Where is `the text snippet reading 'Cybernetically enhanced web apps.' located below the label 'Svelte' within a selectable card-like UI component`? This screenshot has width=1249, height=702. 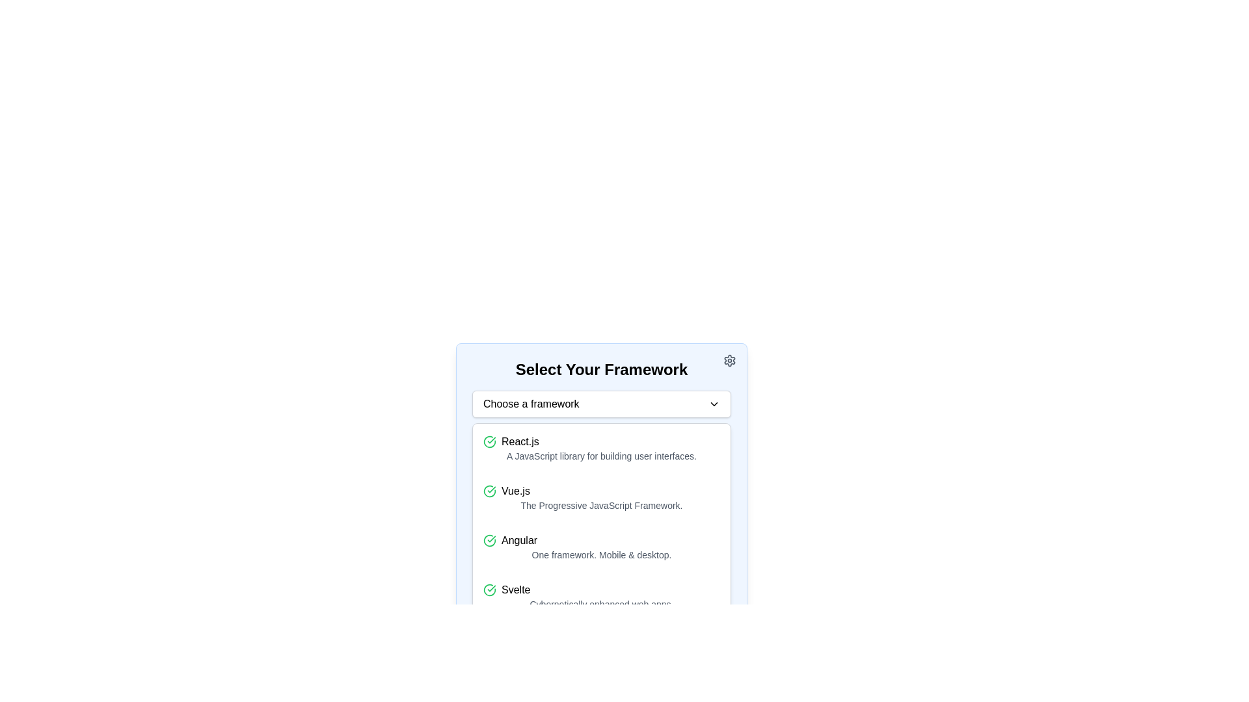
the text snippet reading 'Cybernetically enhanced web apps.' located below the label 'Svelte' within a selectable card-like UI component is located at coordinates (601, 604).